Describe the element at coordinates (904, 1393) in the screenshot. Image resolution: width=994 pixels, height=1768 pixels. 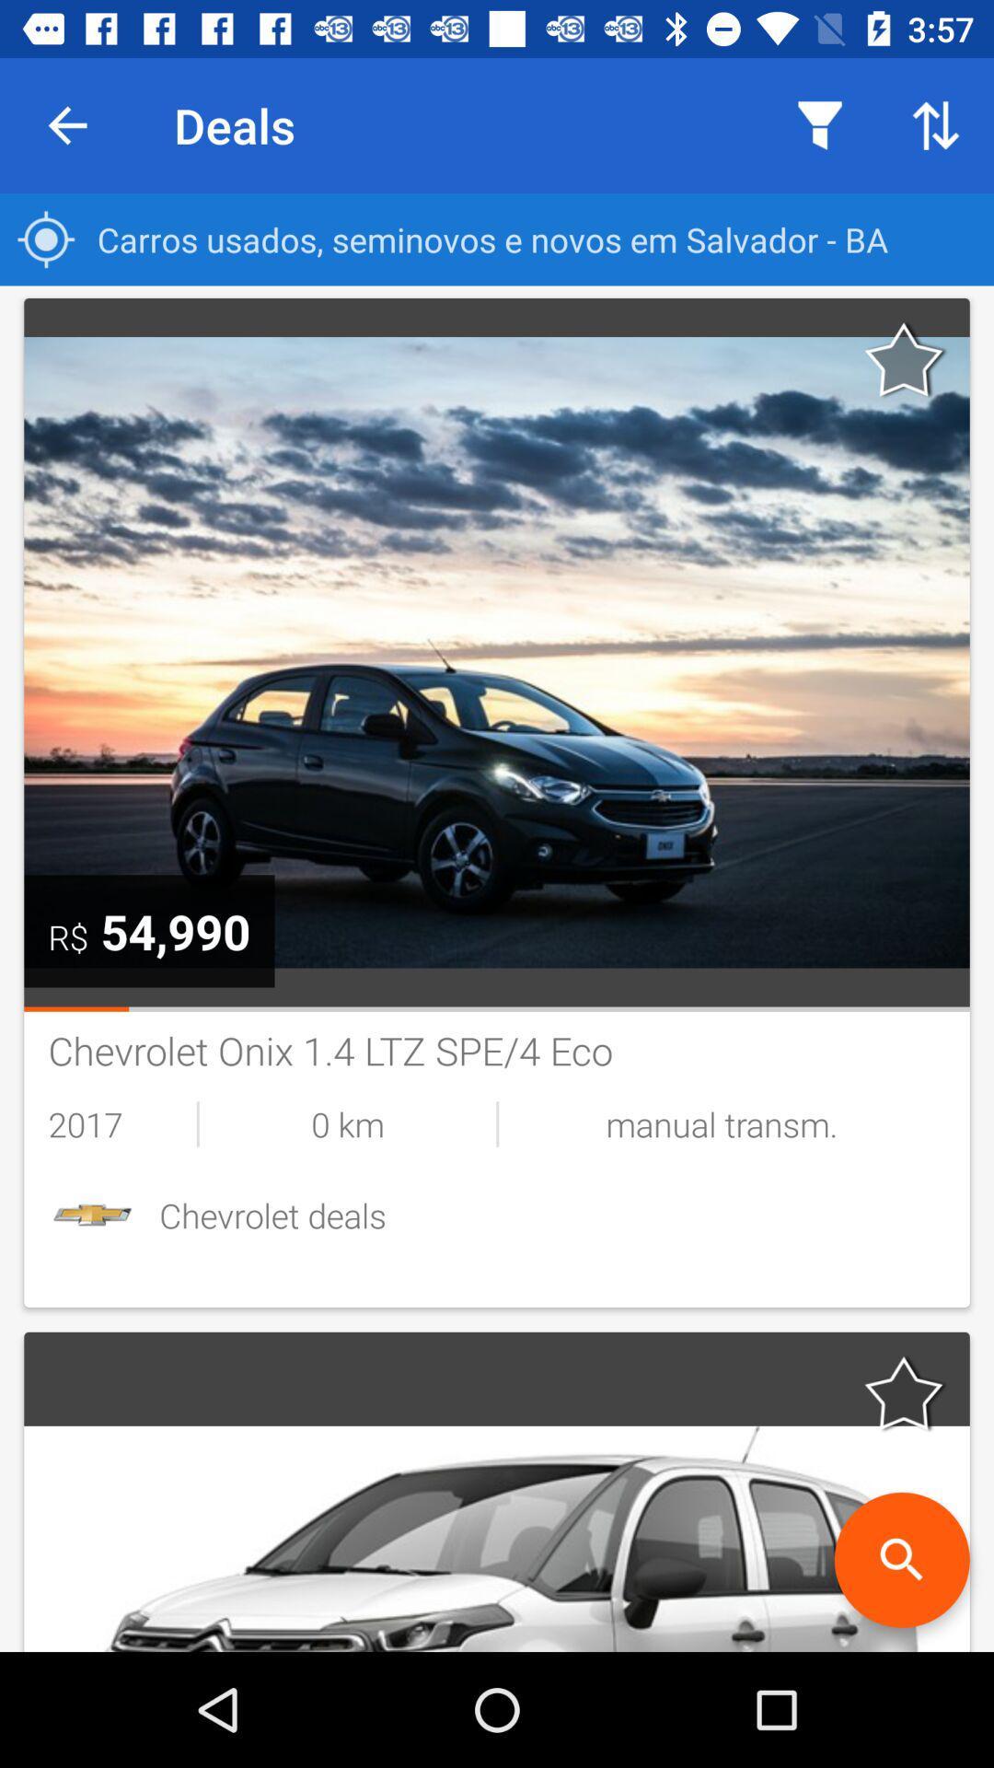
I see `as favorite` at that location.